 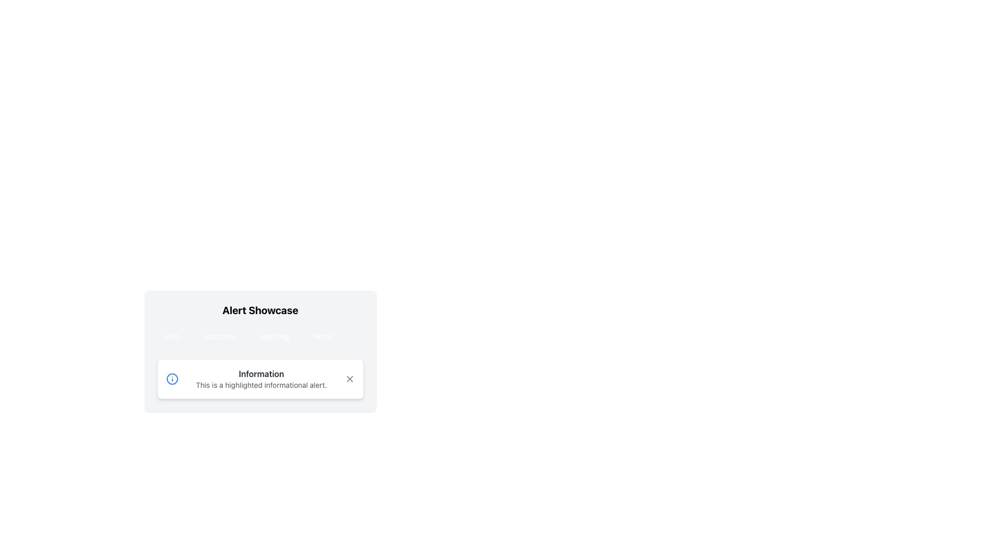 I want to click on the close button represented by an 'X' icon in the top-right corner of the 'Information' notification card, so click(x=349, y=379).